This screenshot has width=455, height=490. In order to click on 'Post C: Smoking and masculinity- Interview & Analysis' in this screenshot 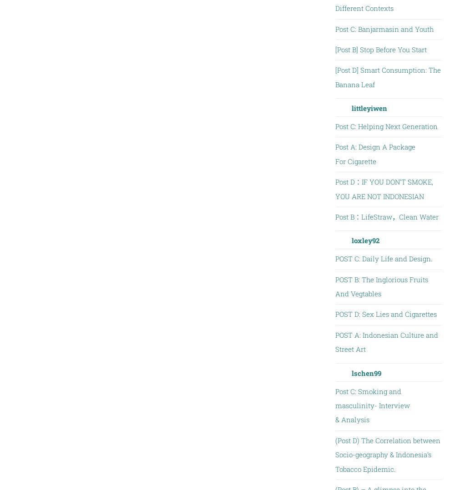, I will do `click(372, 405)`.